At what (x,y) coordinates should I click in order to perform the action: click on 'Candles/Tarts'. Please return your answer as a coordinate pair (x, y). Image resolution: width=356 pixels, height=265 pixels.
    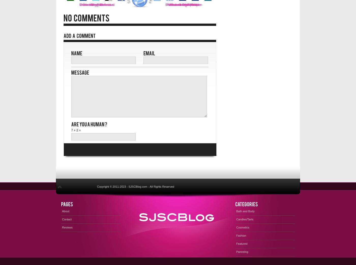
    Looking at the image, I should click on (245, 219).